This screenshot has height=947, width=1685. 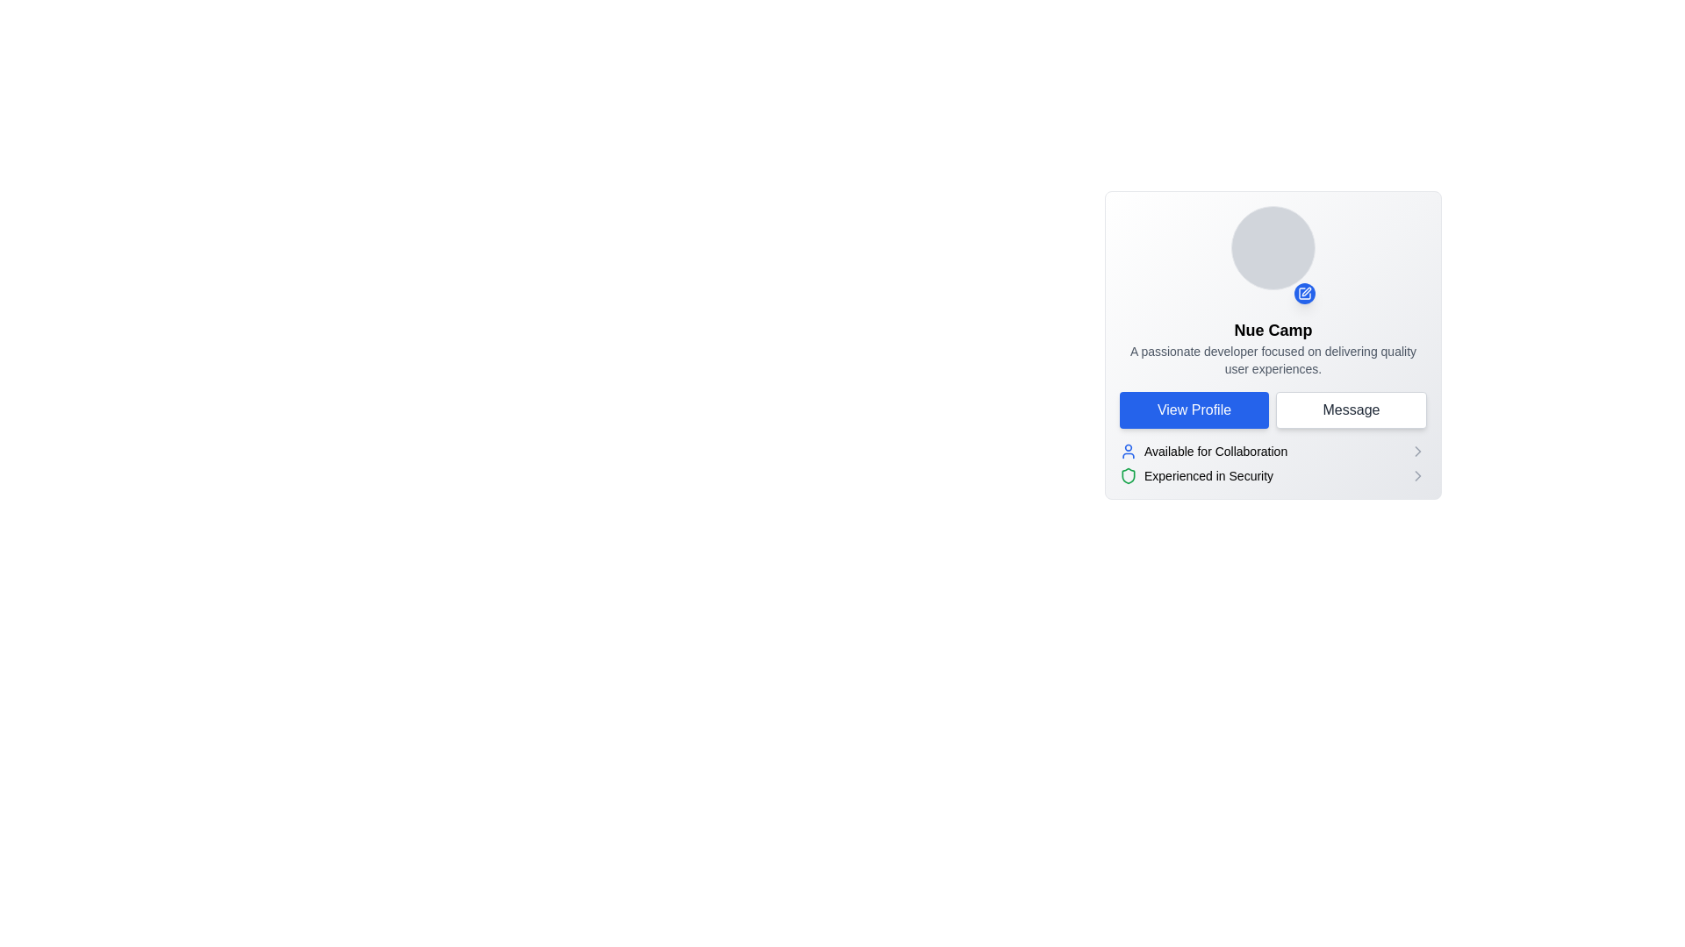 What do you see at coordinates (1273, 254) in the screenshot?
I see `the circular profile image placeholder with an edit button located at the top of the user information card` at bounding box center [1273, 254].